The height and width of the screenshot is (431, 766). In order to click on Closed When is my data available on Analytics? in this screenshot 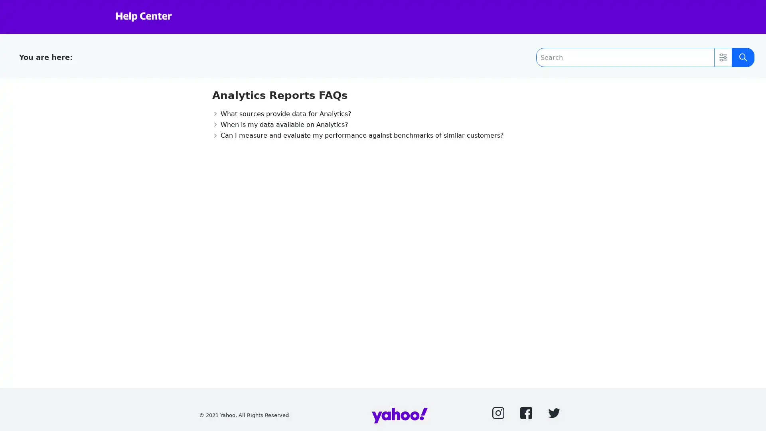, I will do `click(280, 124)`.